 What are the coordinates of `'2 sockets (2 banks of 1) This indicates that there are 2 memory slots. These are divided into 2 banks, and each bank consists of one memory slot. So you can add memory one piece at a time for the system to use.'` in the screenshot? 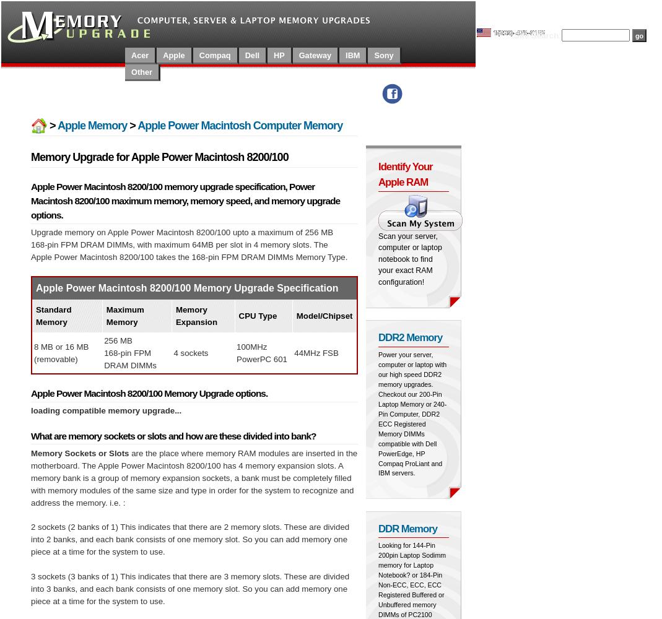 It's located at (30, 539).